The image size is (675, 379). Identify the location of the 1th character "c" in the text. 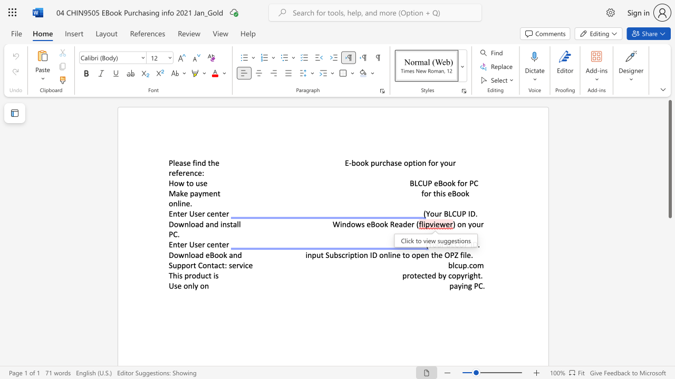
(208, 244).